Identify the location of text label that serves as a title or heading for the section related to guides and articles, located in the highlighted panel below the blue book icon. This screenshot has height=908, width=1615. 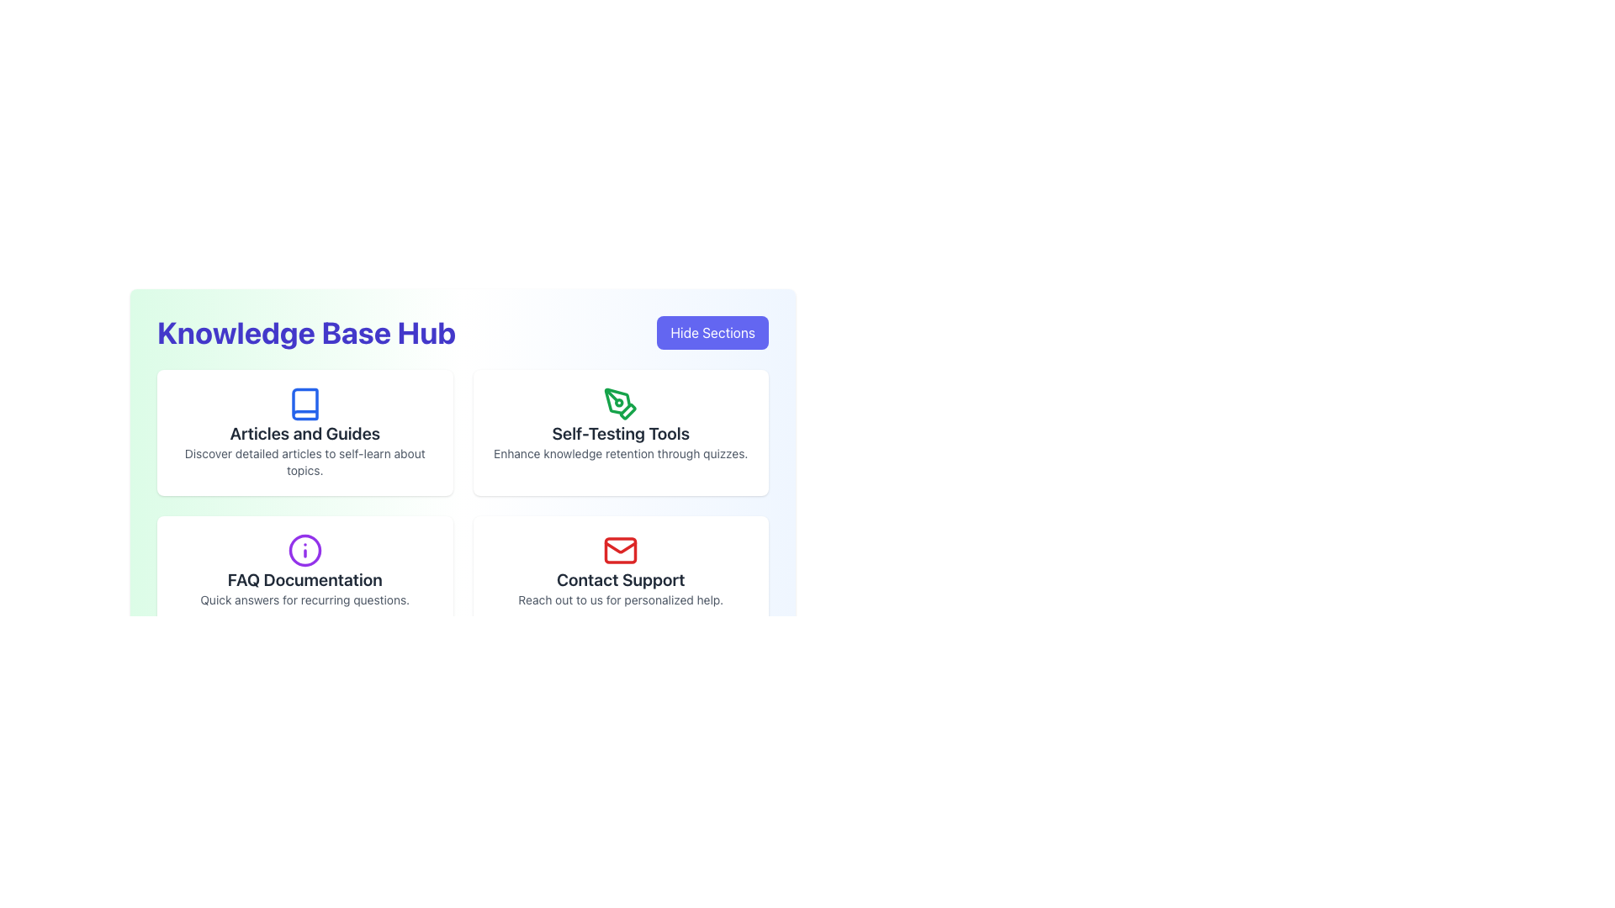
(304, 433).